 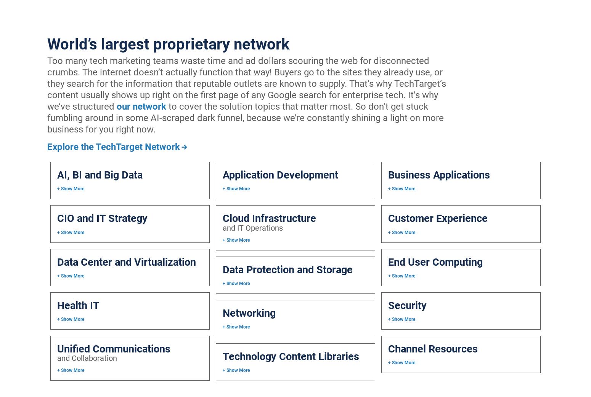 I want to click on 'Networking', so click(x=248, y=312).